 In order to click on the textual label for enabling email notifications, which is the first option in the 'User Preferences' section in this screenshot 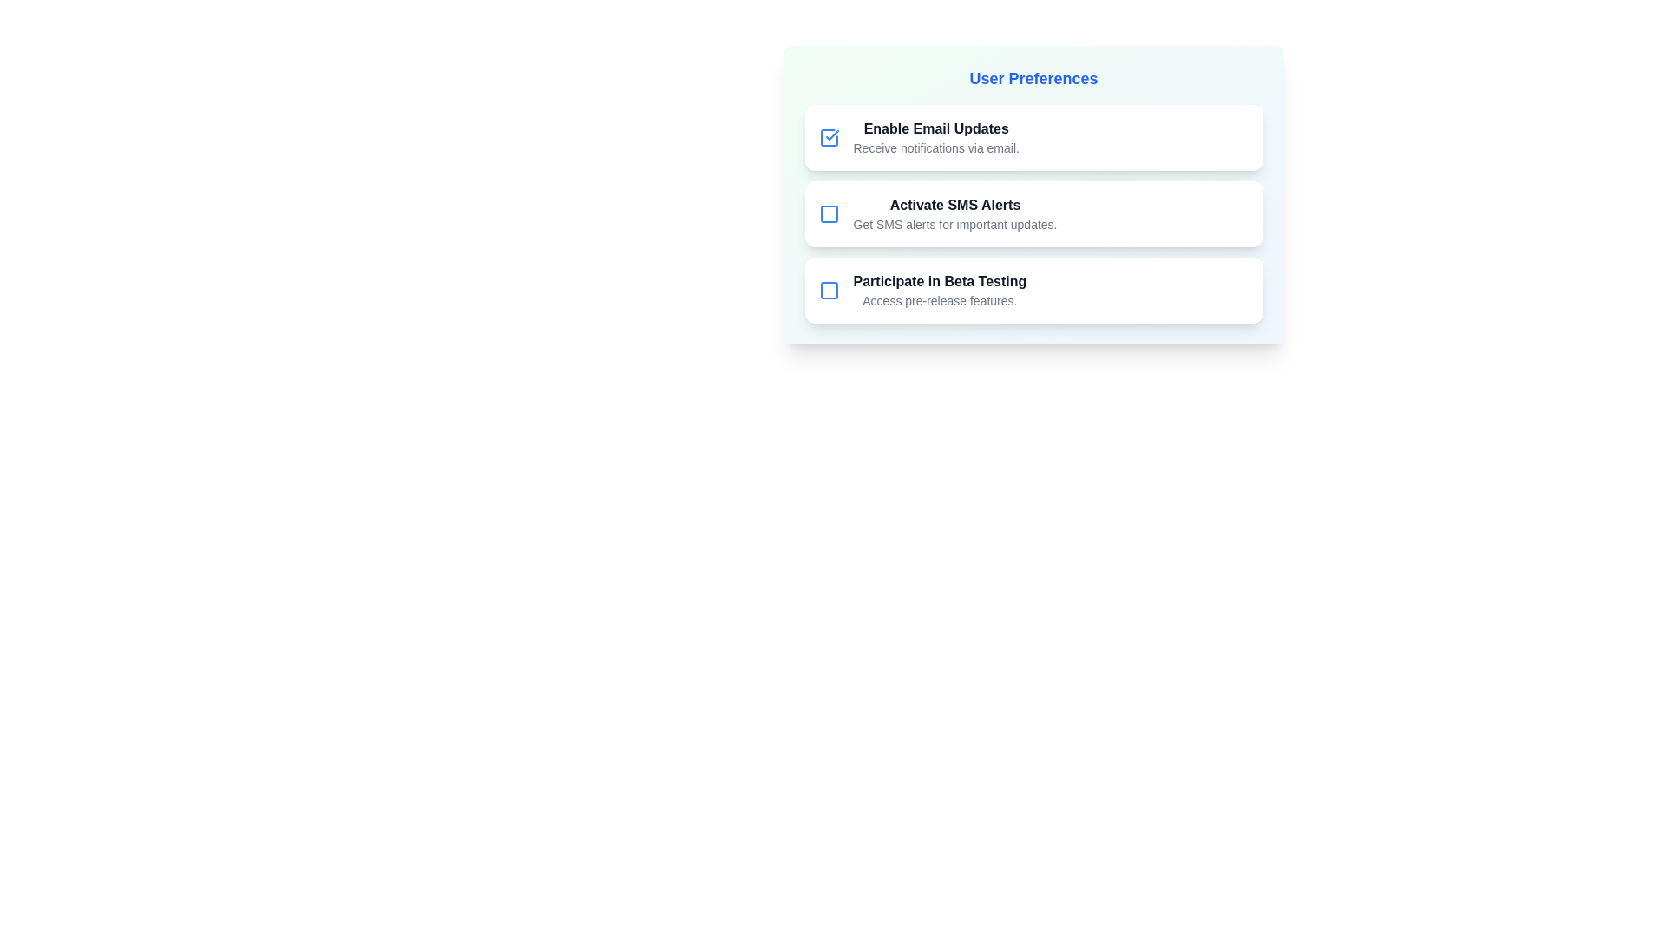, I will do `click(935, 136)`.